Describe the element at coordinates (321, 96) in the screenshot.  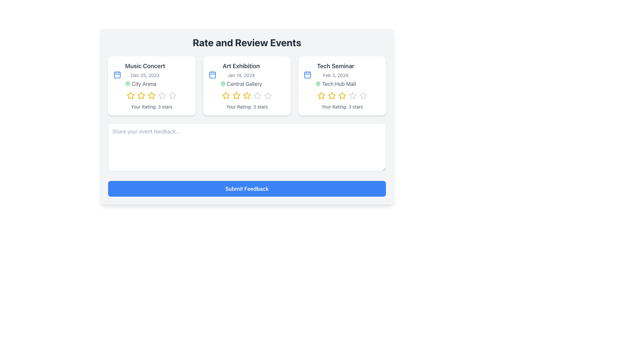
I see `the first yellow star icon in the rating section below the 'Tech Seminar' event card to trigger the scaling effect` at that location.